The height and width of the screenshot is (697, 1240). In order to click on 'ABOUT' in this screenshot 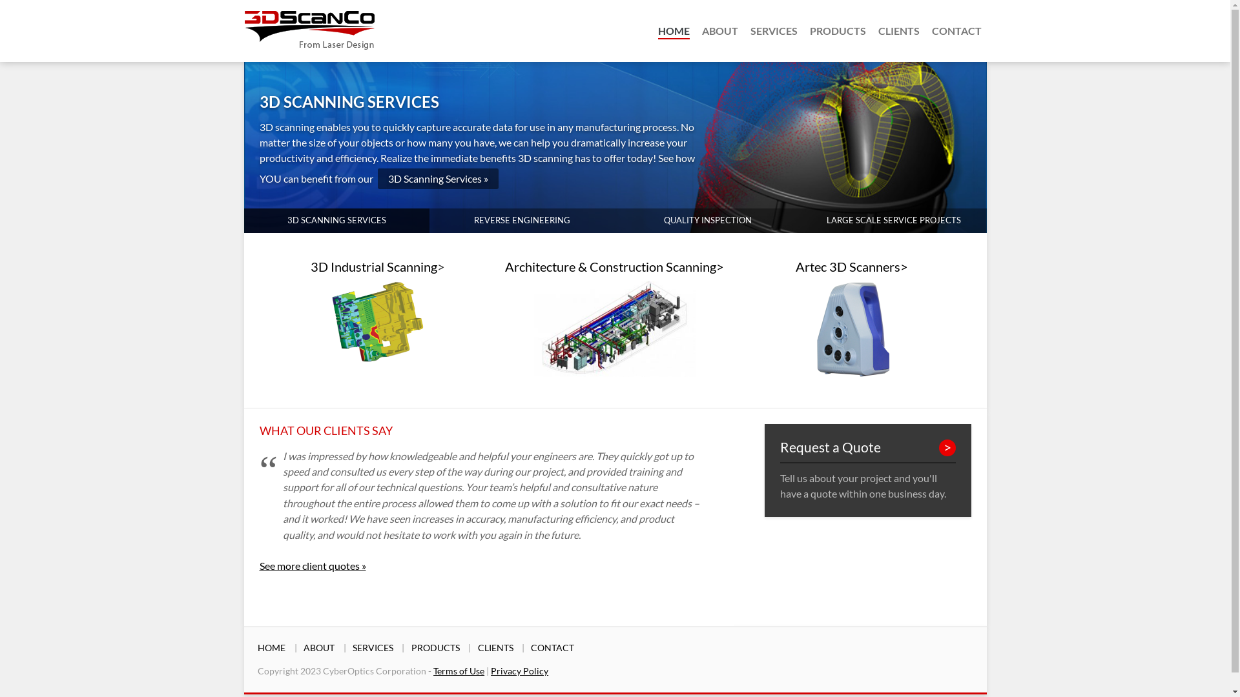, I will do `click(700, 30)`.